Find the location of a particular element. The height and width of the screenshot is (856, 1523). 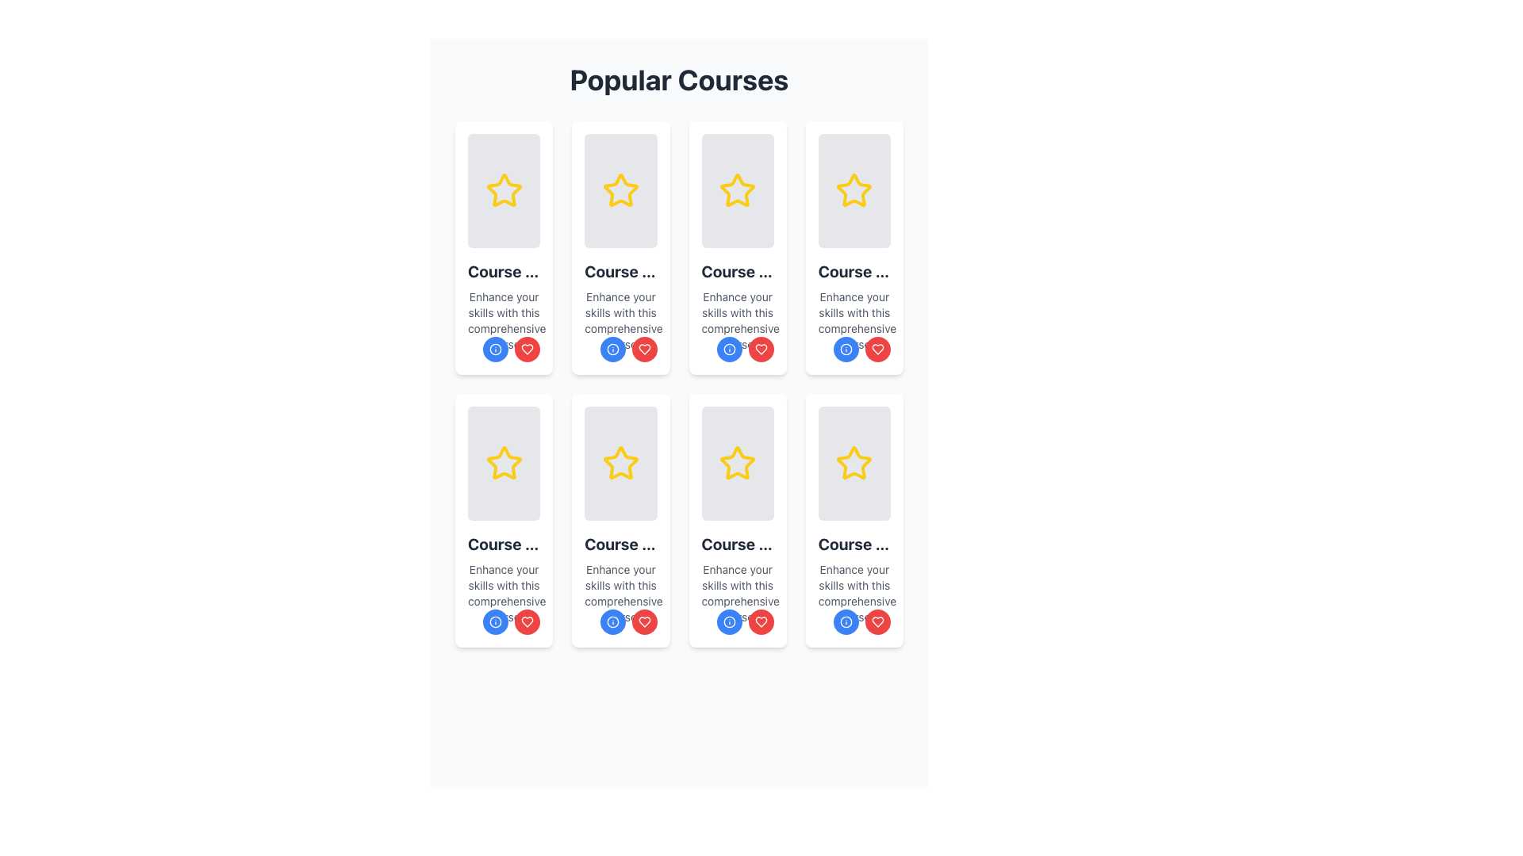

the second interactive button in the bottom-right corner of the course card is located at coordinates (760, 621).